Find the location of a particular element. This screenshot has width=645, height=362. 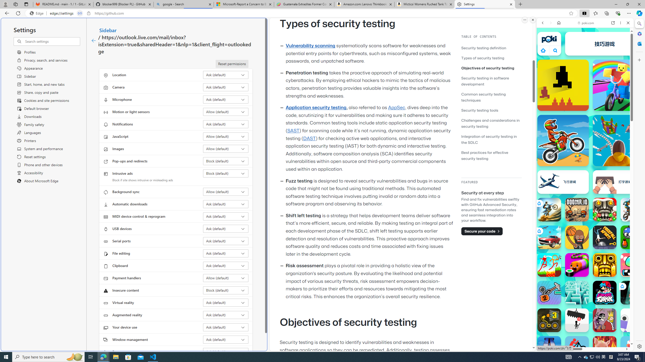

'Search results from poki.com' is located at coordinates (576, 196).